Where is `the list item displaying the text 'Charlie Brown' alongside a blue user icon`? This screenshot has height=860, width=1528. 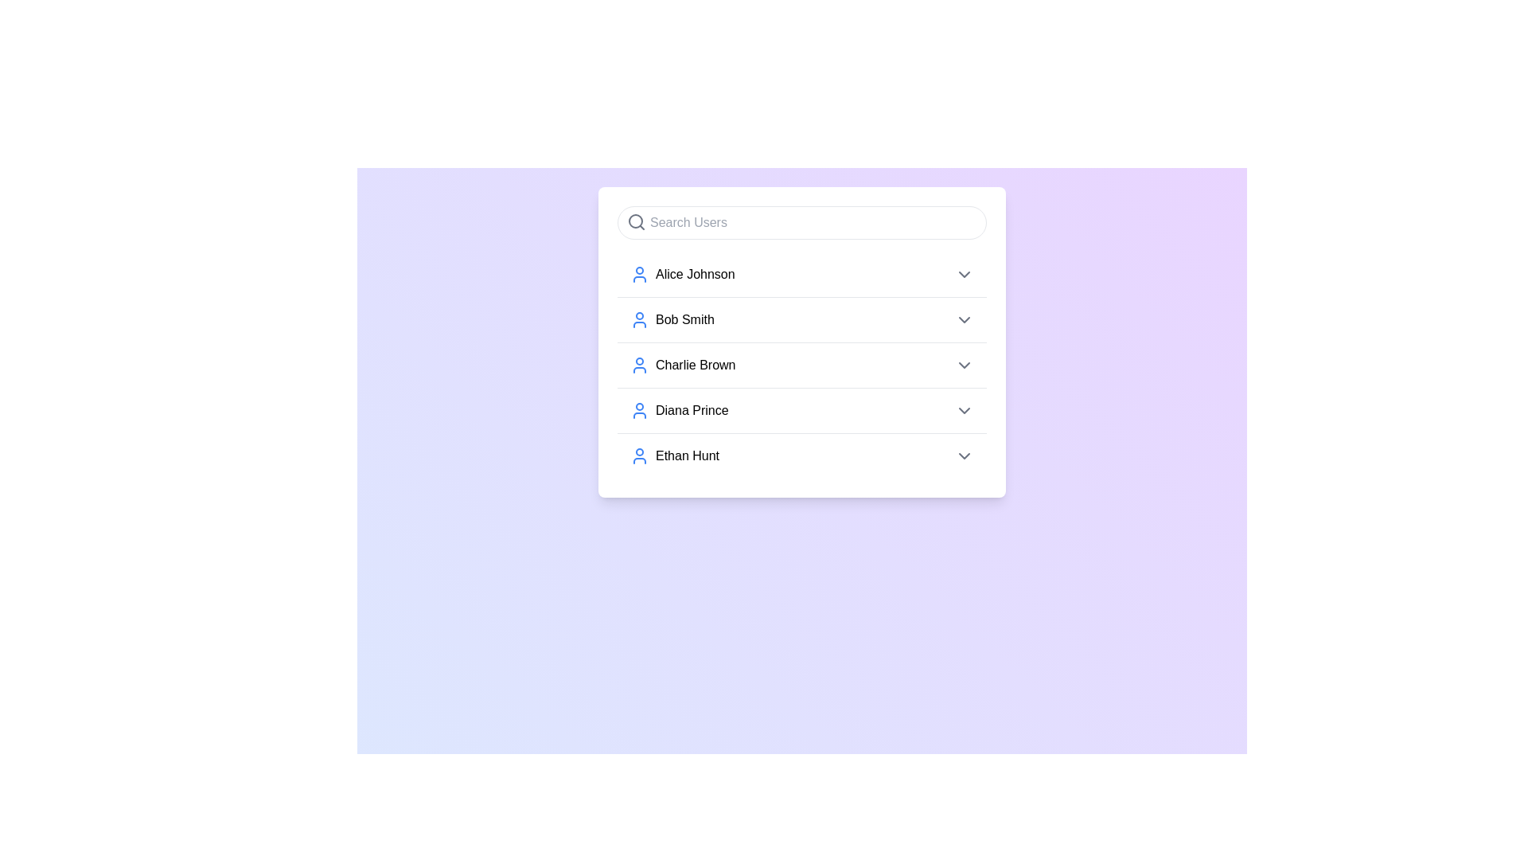
the list item displaying the text 'Charlie Brown' alongside a blue user icon is located at coordinates (683, 365).